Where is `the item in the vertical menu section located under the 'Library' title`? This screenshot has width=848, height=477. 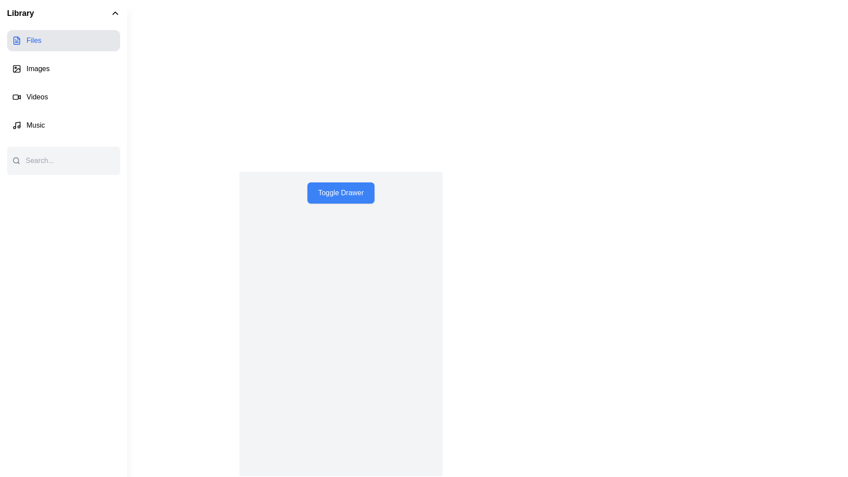
the item in the vertical menu section located under the 'Library' title is located at coordinates (63, 83).